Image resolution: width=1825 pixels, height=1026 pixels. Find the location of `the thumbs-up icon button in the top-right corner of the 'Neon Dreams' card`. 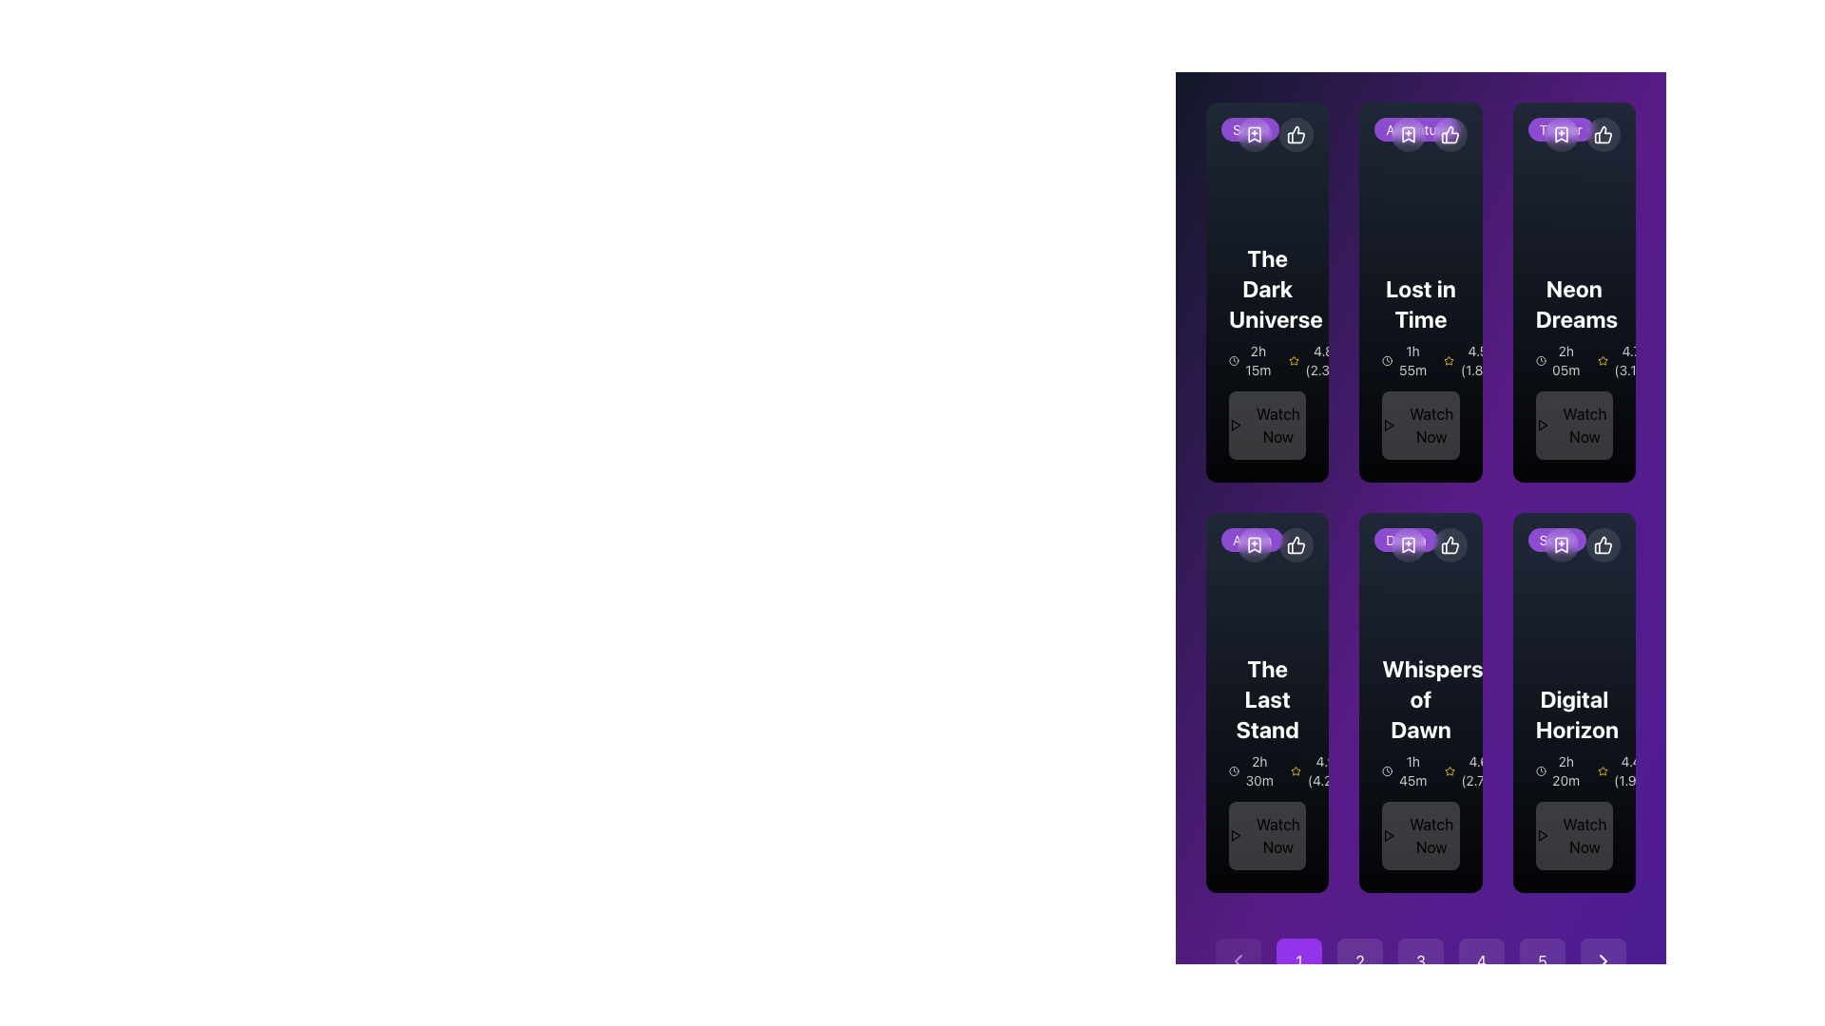

the thumbs-up icon button in the top-right corner of the 'Neon Dreams' card is located at coordinates (1602, 134).